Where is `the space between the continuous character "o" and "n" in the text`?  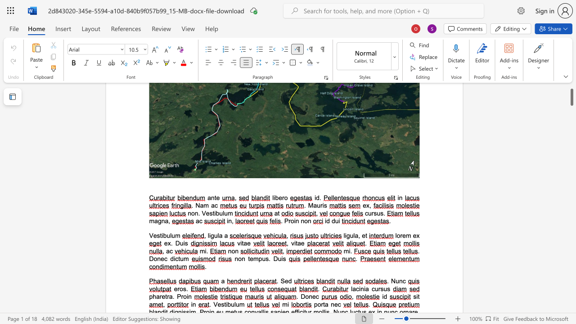
the space between the continuous character "o" and "n" in the text is located at coordinates (308, 221).